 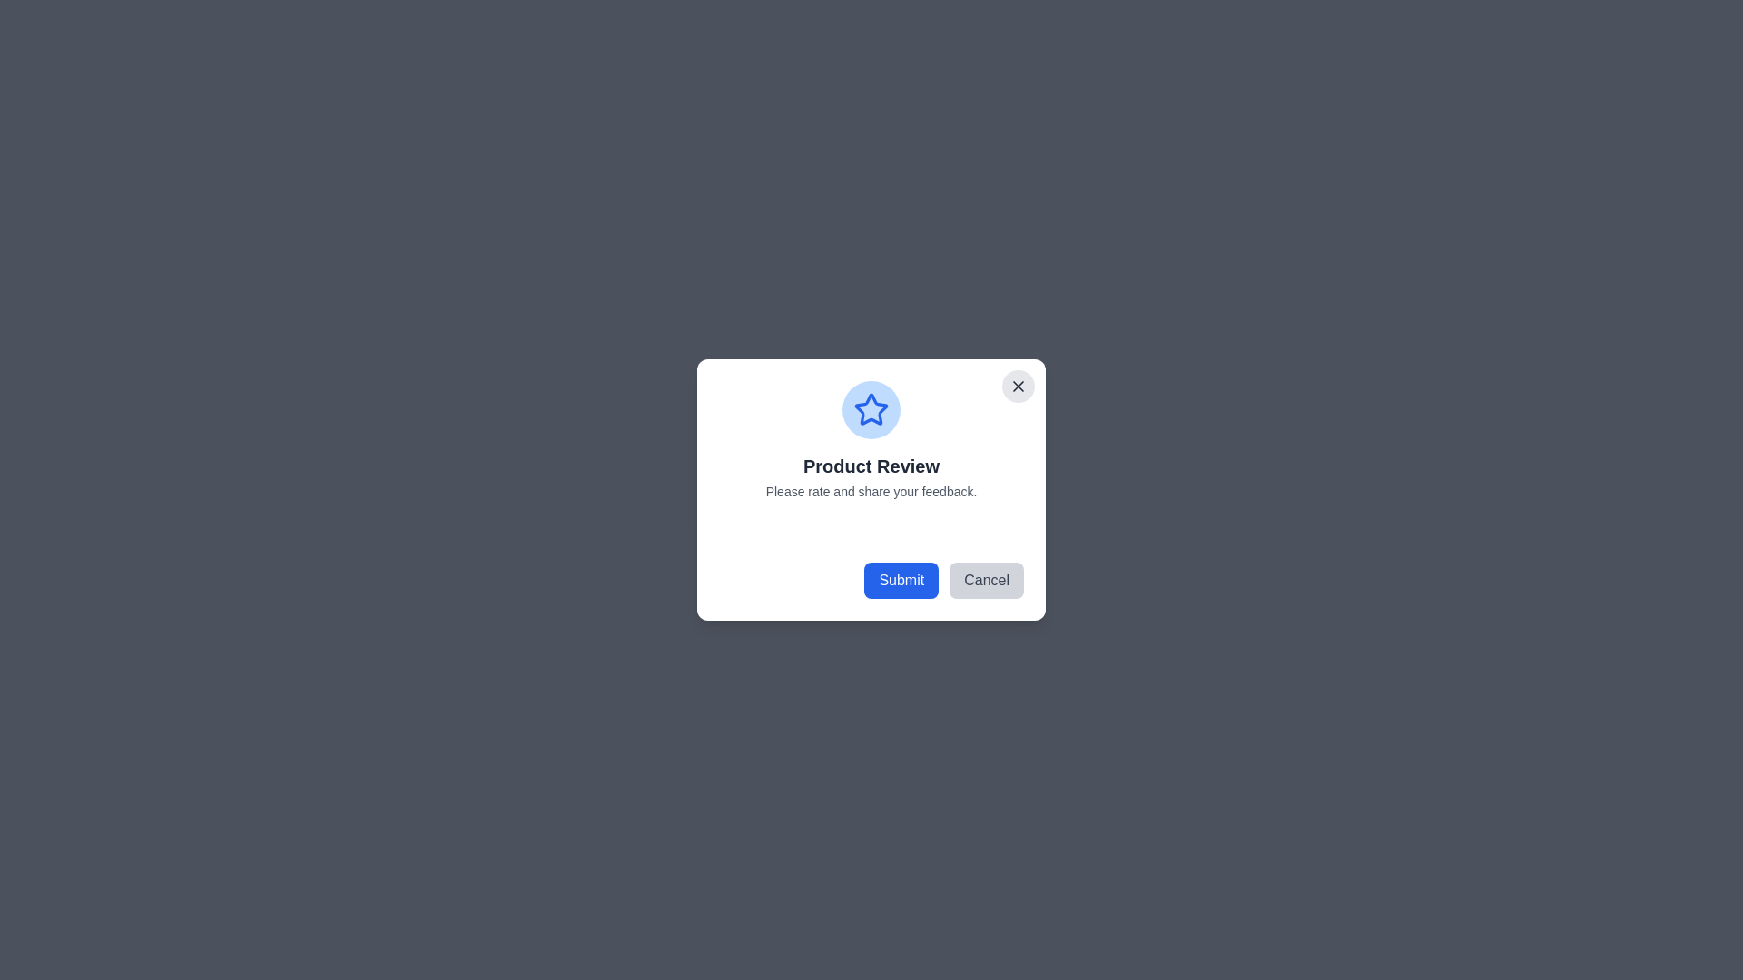 I want to click on the first rating star icon in the rating bar located at the bottom of the modal, so click(x=763, y=531).